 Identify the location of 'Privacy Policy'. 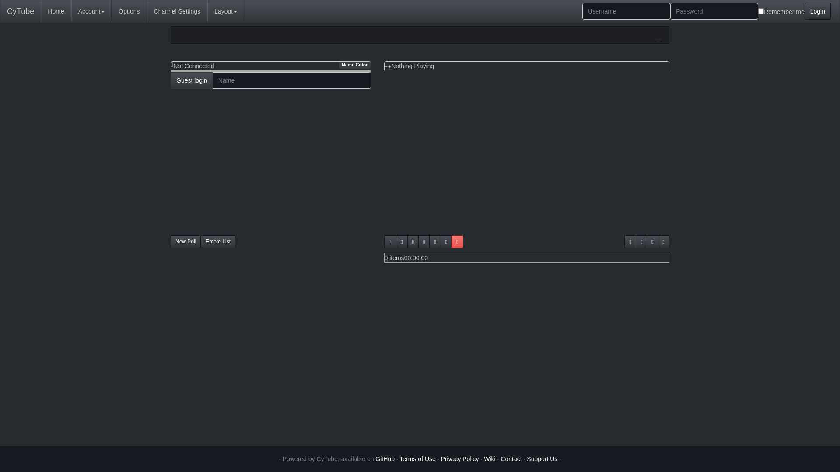
(441, 458).